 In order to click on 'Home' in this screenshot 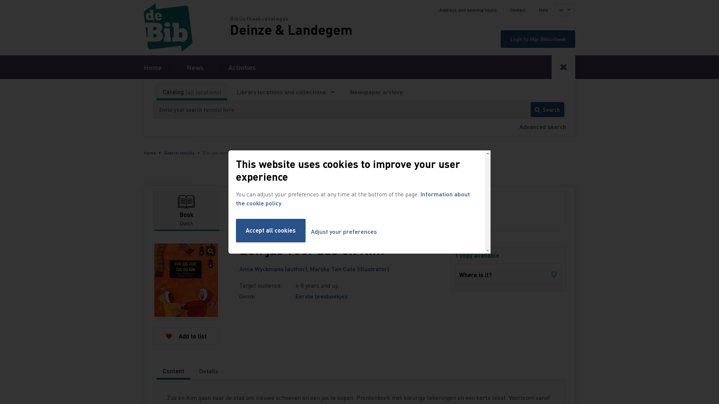, I will do `click(144, 152)`.